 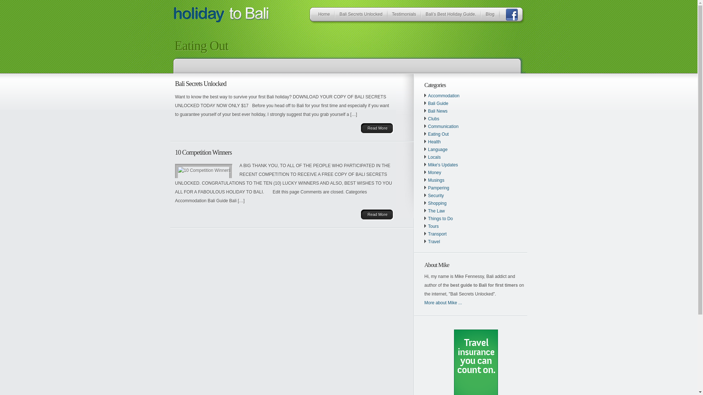 What do you see at coordinates (440, 218) in the screenshot?
I see `'Things to Do'` at bounding box center [440, 218].